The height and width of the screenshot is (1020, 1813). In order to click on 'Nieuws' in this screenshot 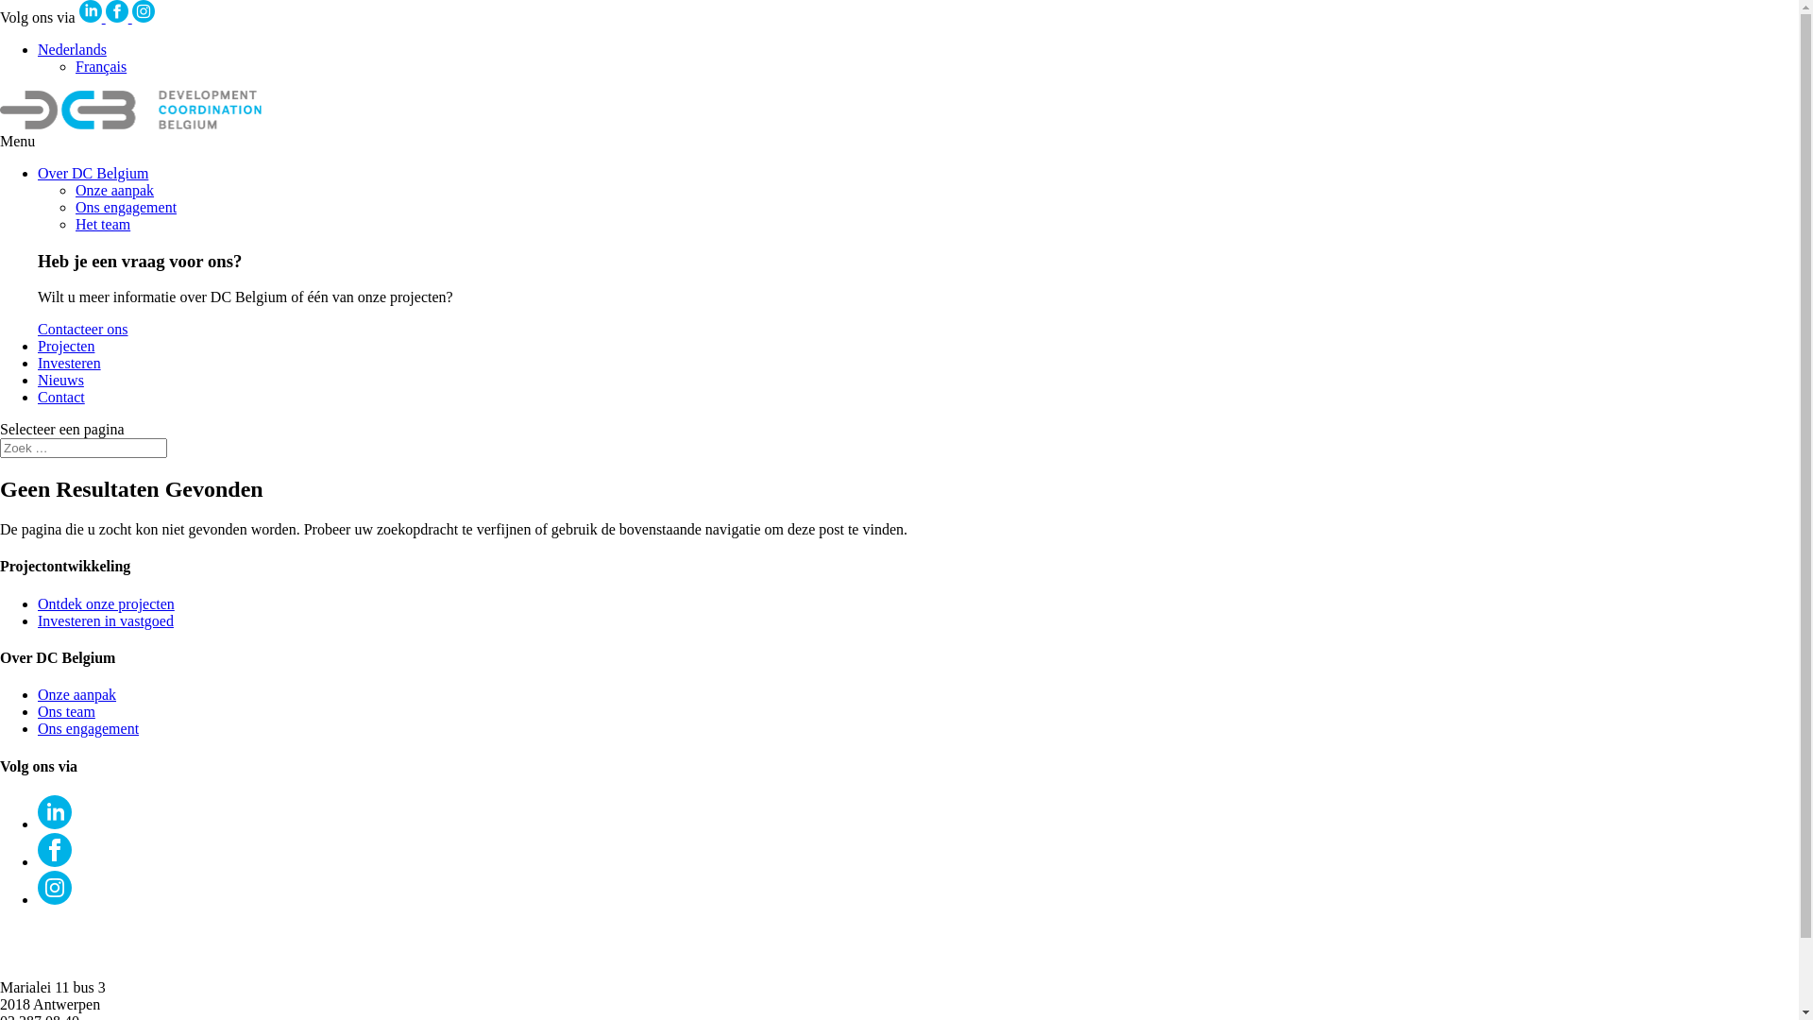, I will do `click(60, 380)`.